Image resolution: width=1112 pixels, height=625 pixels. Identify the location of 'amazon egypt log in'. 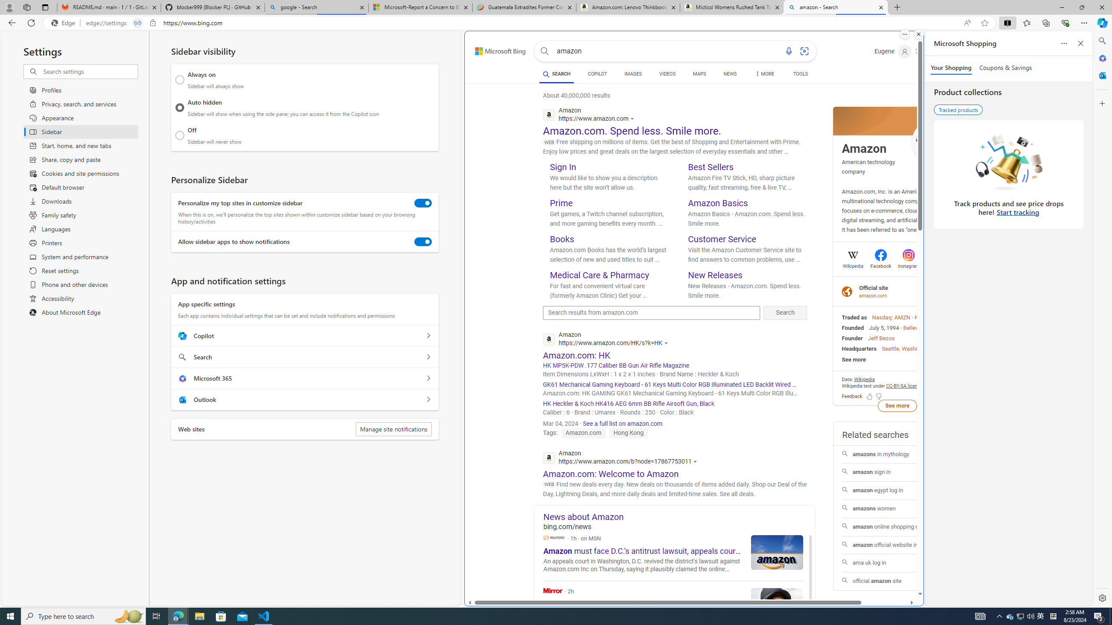
(897, 490).